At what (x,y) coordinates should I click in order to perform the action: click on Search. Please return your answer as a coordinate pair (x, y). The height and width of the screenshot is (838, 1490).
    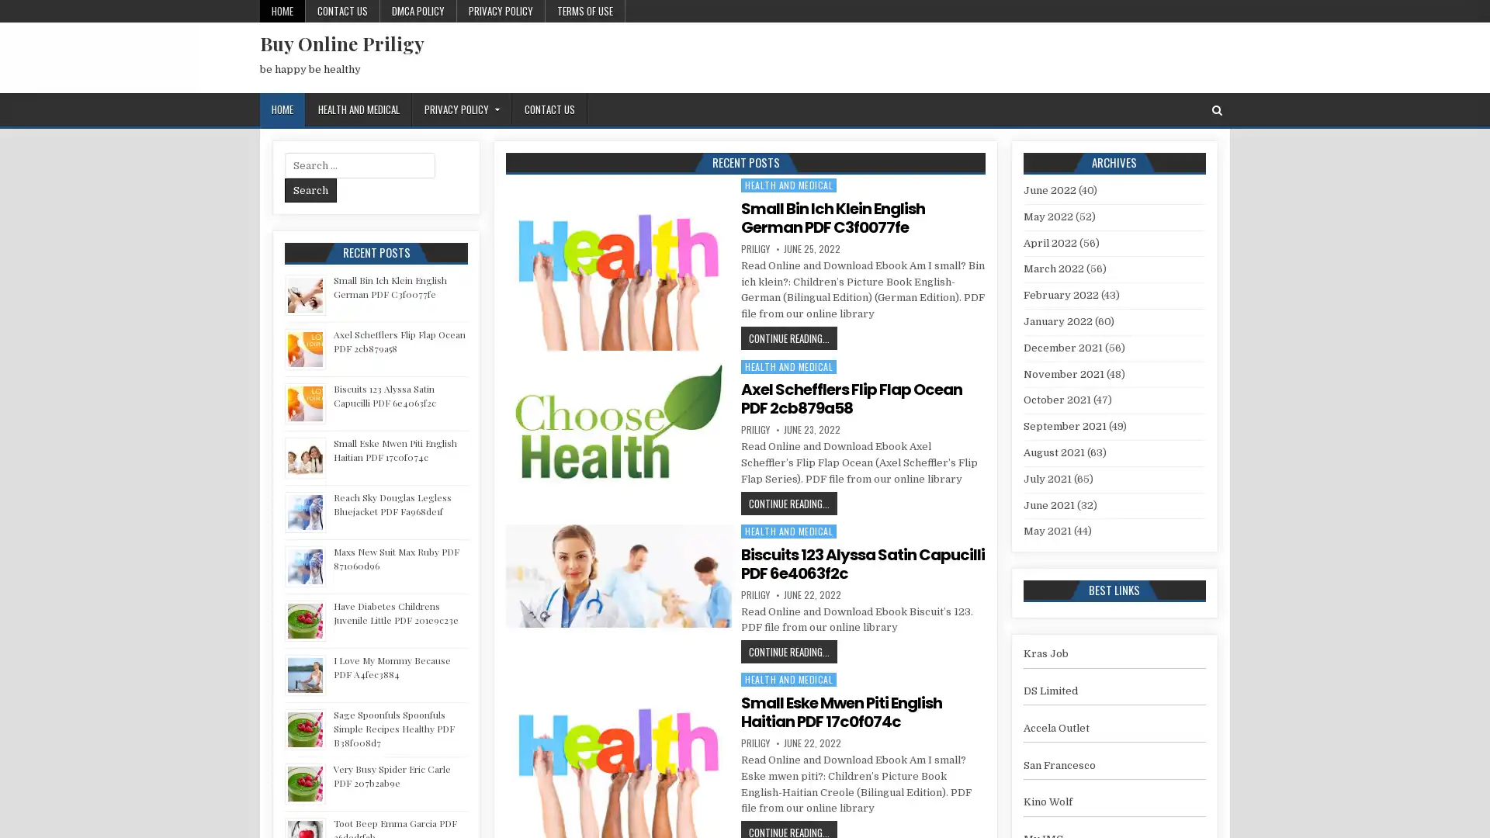
    Looking at the image, I should click on (310, 189).